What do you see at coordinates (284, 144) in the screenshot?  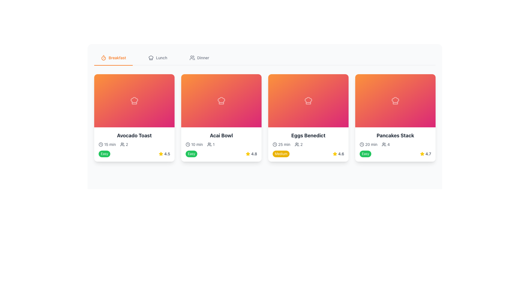 I see `the preparation time text element located within the Eggs Benedict card, which is situated under the title next to a clock icon` at bounding box center [284, 144].